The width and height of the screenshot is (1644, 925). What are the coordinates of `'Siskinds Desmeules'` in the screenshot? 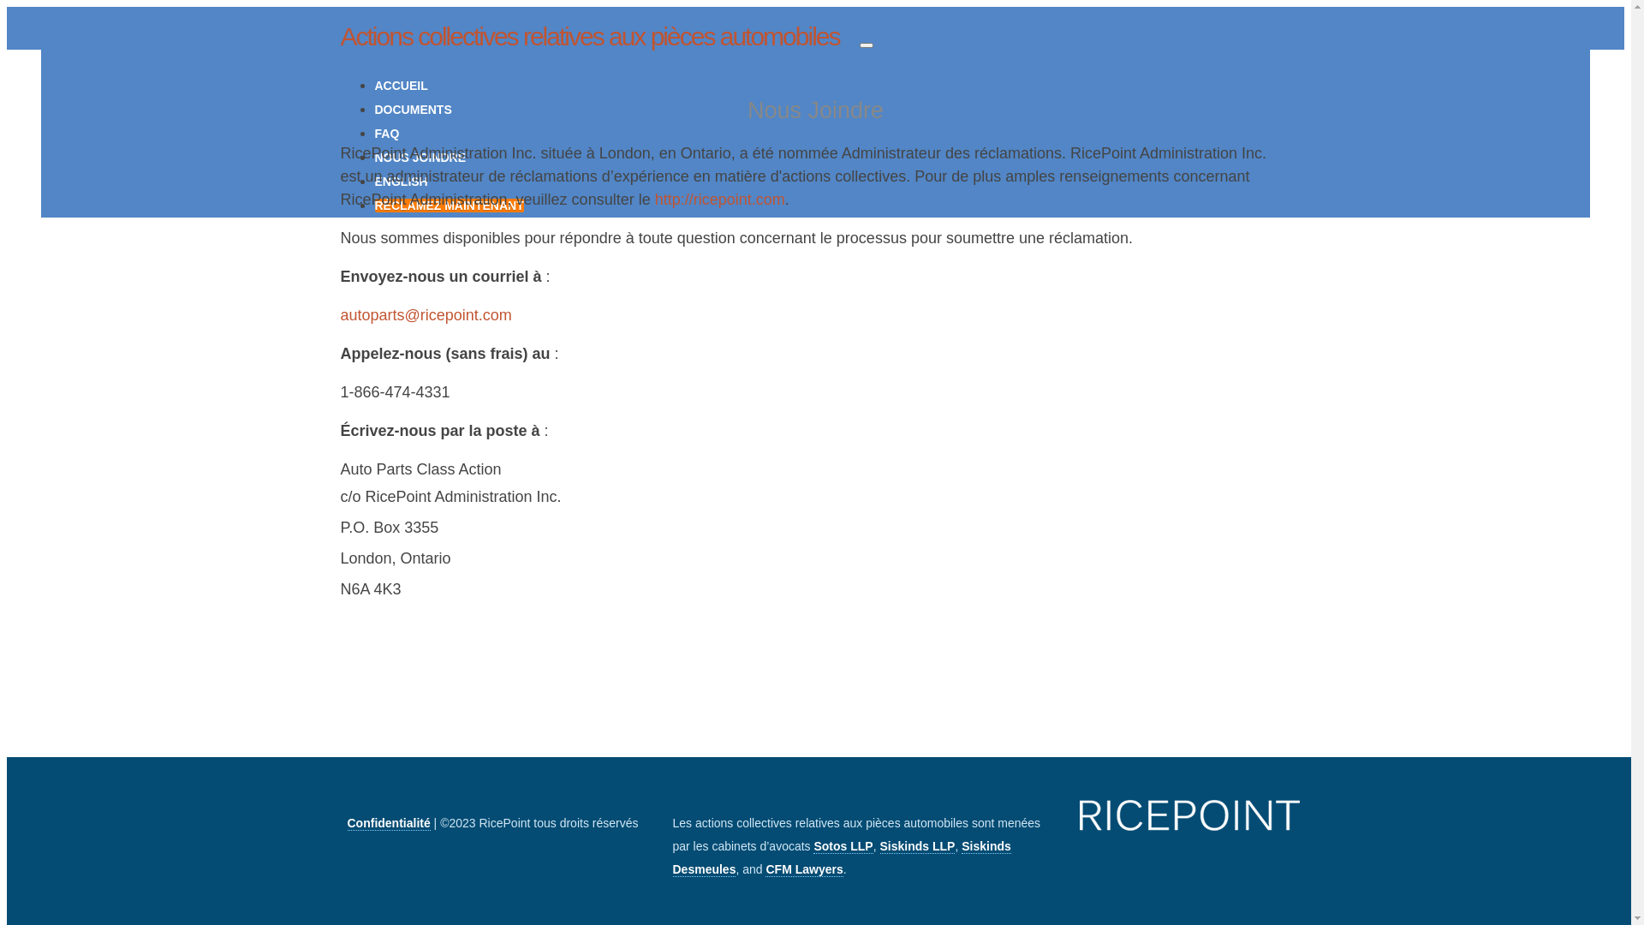 It's located at (842, 858).